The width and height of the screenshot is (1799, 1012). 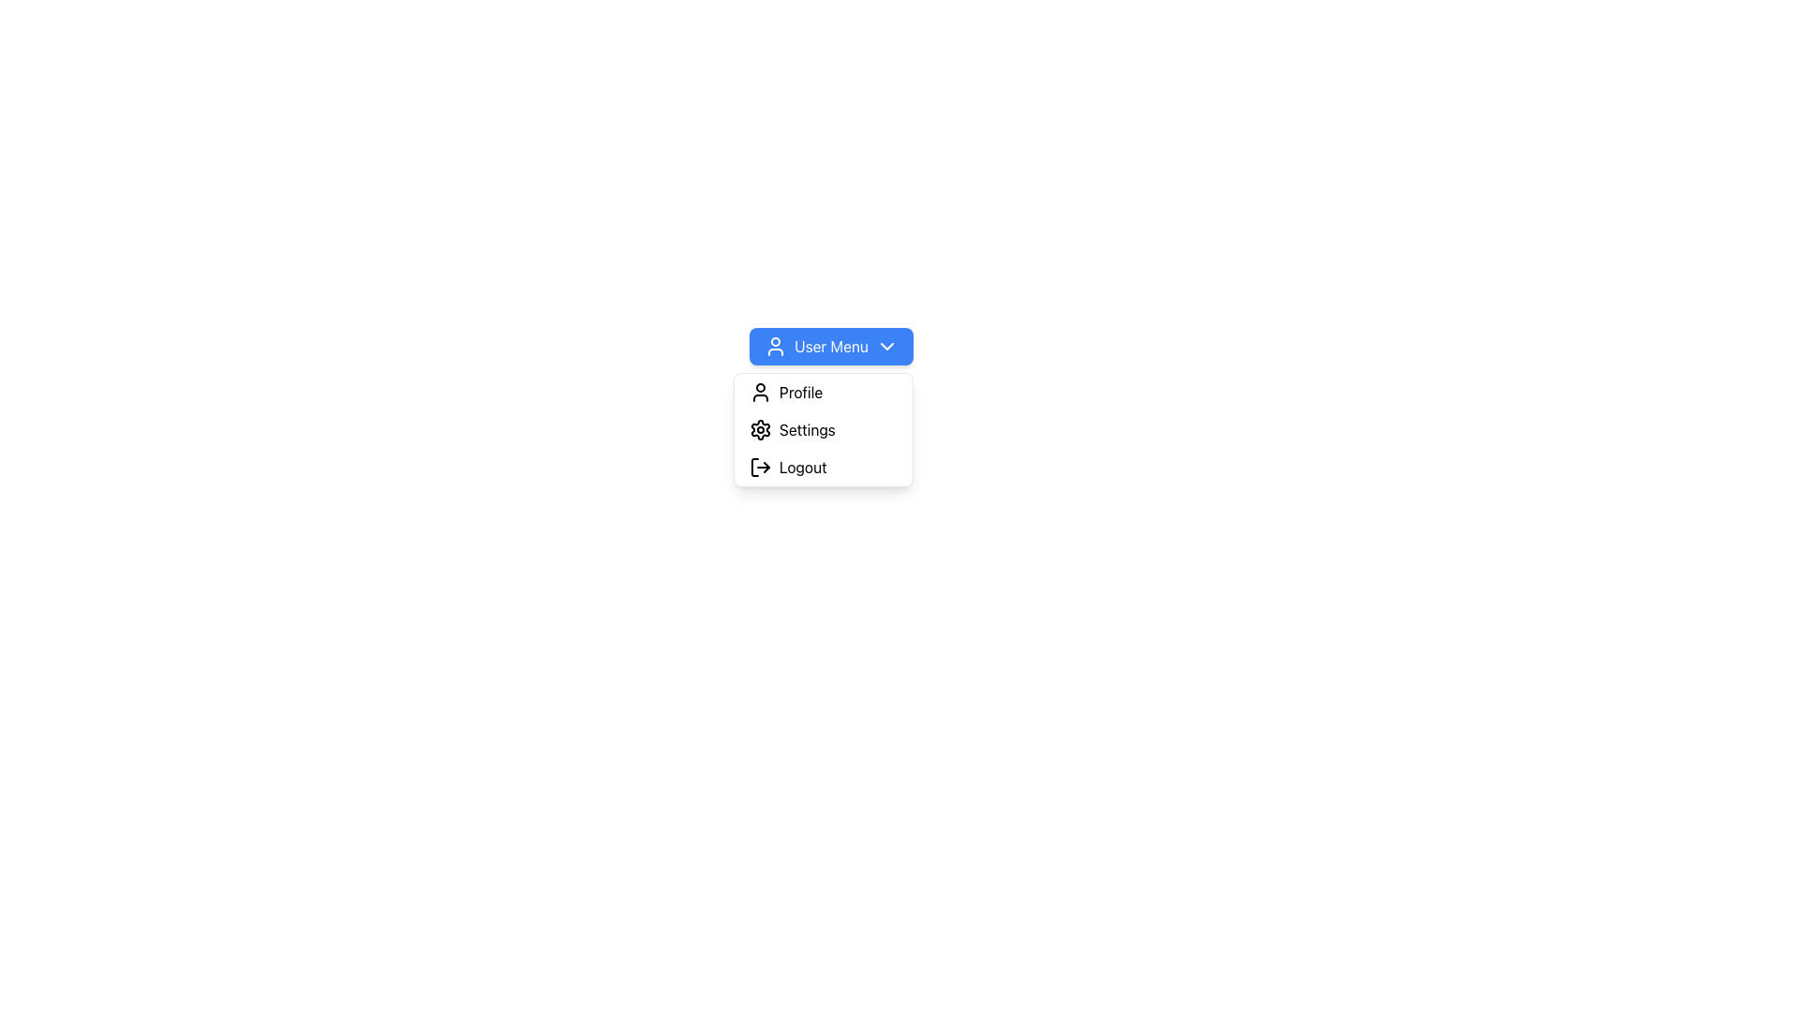 What do you see at coordinates (776, 347) in the screenshot?
I see `the user icon on the blue 'User Menu' button, which is the first visual component` at bounding box center [776, 347].